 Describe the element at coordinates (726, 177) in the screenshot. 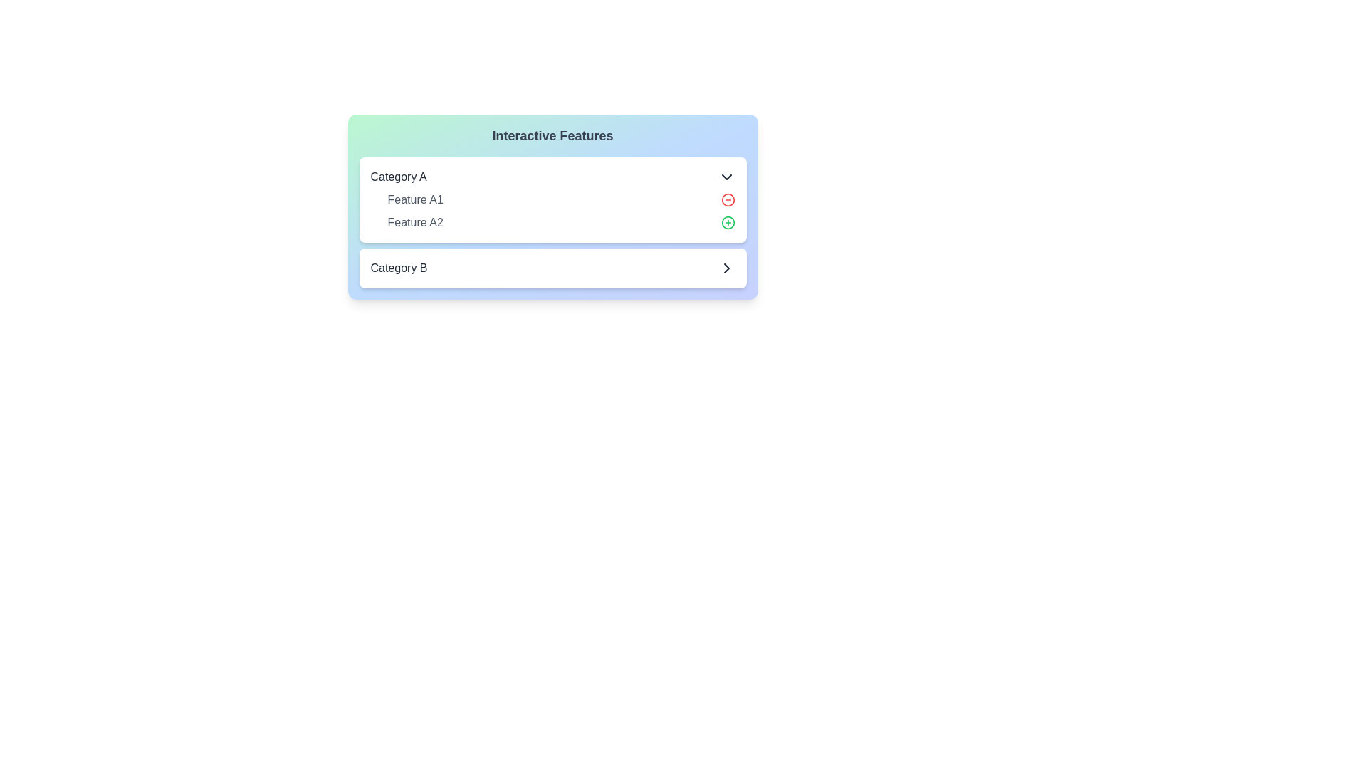

I see `the chevron icon located at the far right of the 'Category A' section` at that location.